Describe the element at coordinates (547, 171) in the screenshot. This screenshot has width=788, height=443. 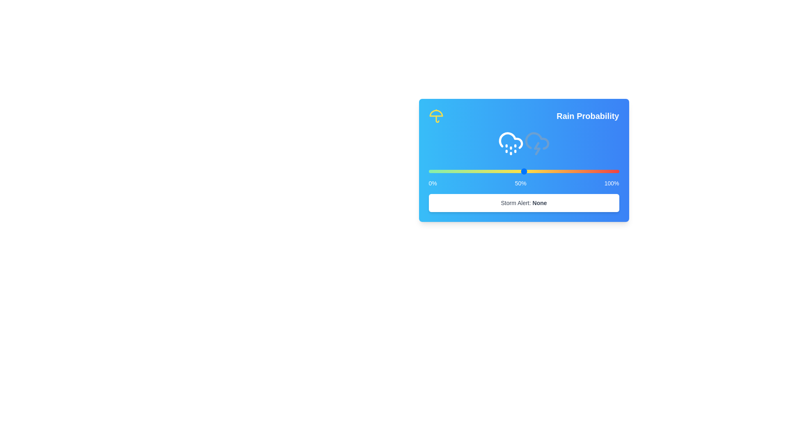
I see `the rain probability slider to 62%` at that location.